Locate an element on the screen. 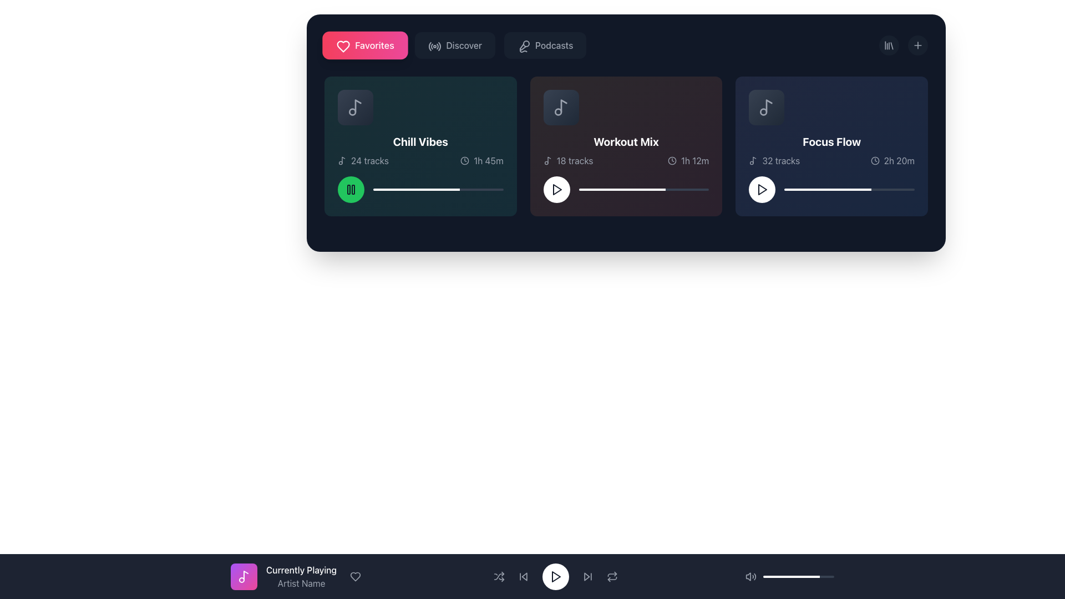 This screenshot has height=599, width=1065. the circular outline within the SVG graphic of the clock icon, which is part of the 'Workout Mix' card indicating a duration of 1h 12m is located at coordinates (671, 160).